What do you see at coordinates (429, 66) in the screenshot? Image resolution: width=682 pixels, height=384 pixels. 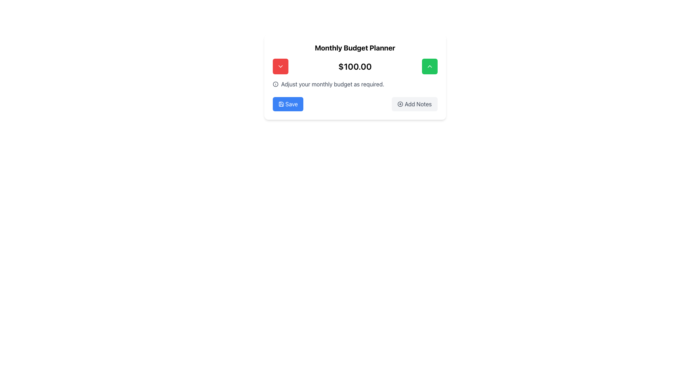 I see `the chevron-up icon located centrally within the green square button in the top-right region of the 'Monthly Budget Planner' card to interact or trigger a corresponding action` at bounding box center [429, 66].